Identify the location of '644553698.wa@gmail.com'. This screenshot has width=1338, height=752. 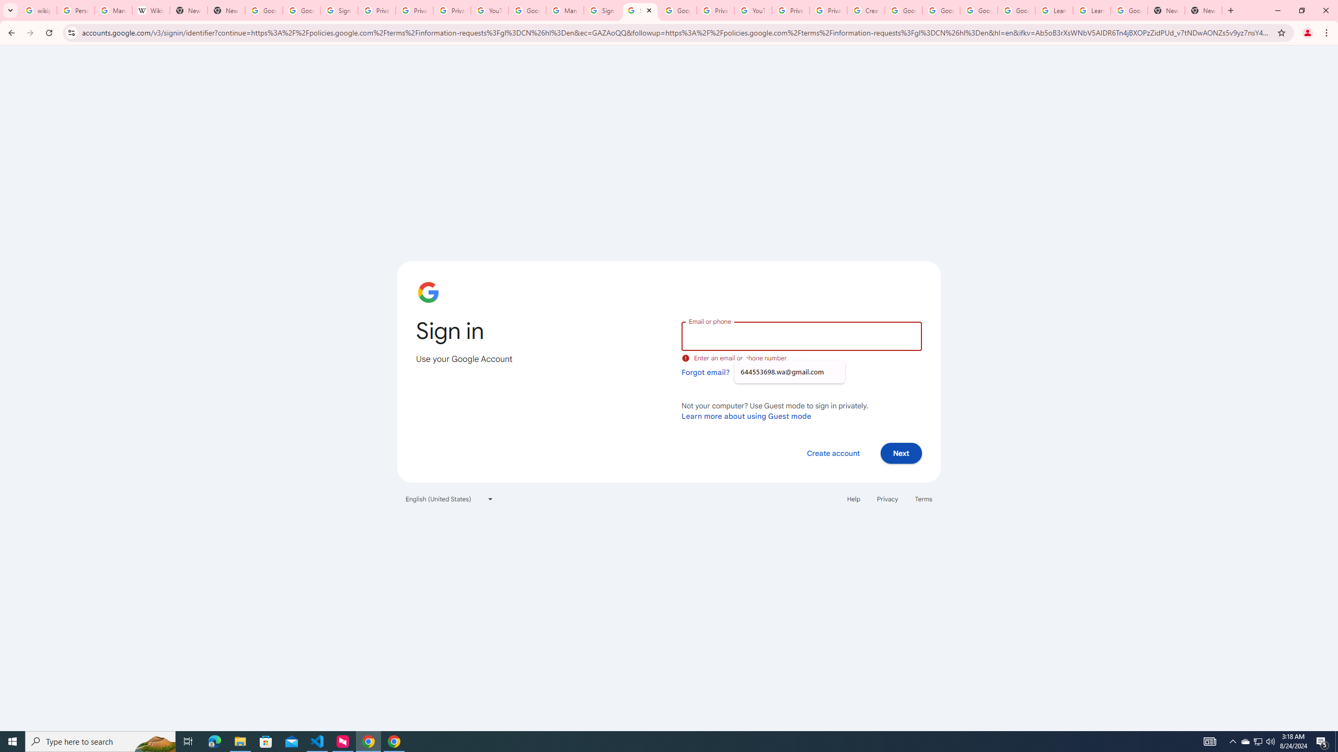
(789, 372).